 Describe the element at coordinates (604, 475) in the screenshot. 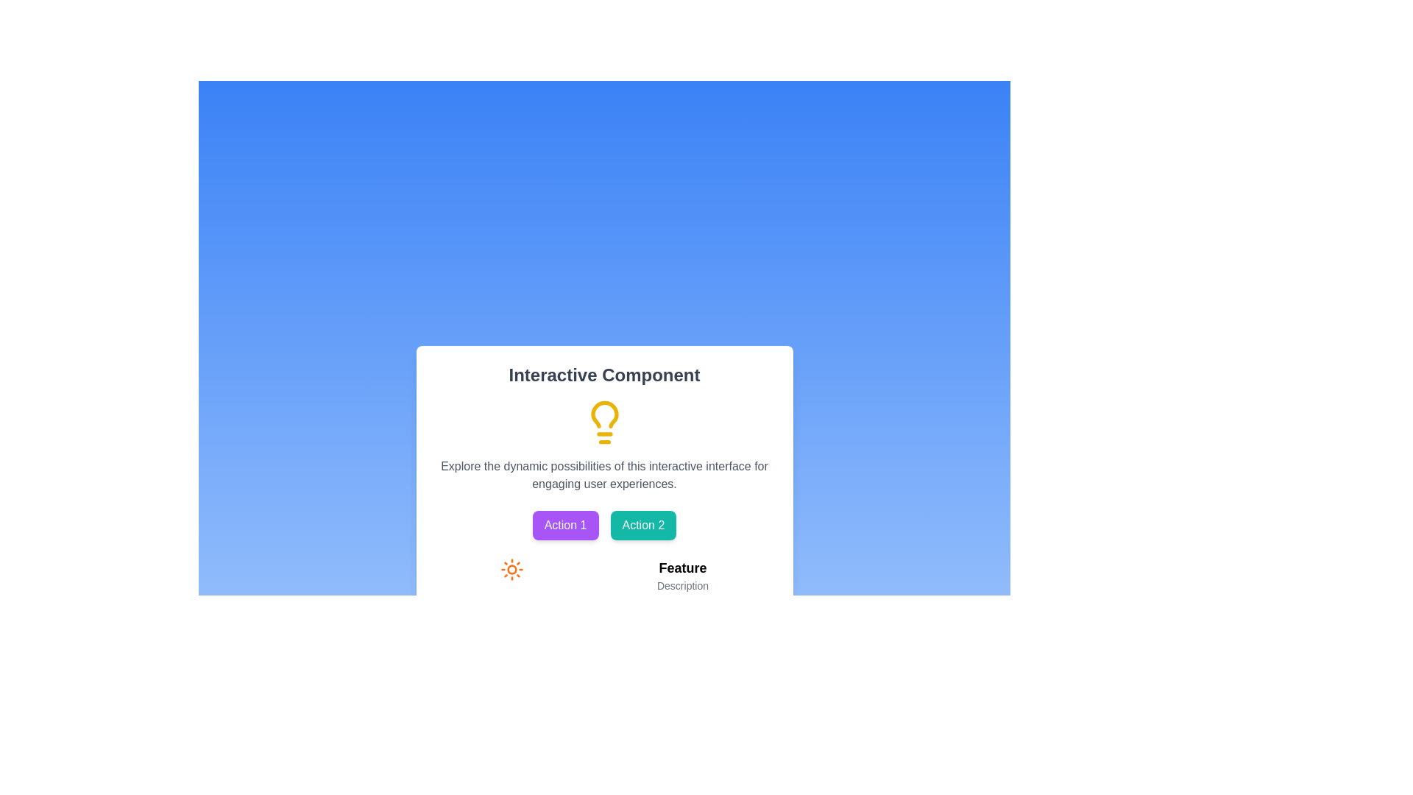

I see `descriptive text block about the functionalities or features of the interface located within the white card titled 'Interactive Component', positioned below the icon and above the buttons` at that location.